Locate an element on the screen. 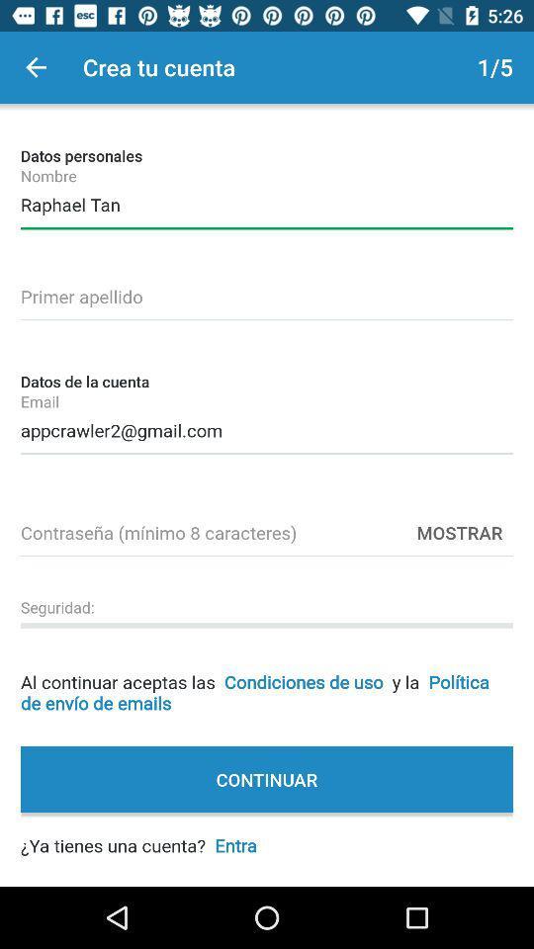  mostrar icon is located at coordinates (459, 531).